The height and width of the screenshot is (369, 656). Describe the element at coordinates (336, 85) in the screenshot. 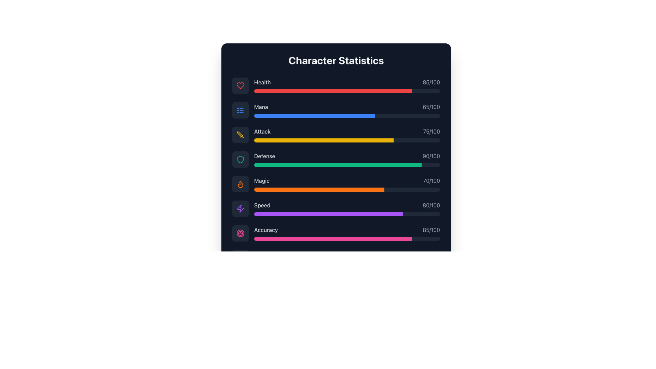

I see `numeric value and label of the Progress bar component indicating the 'Health' metric of the character, located in the first row of the 'Character Statistics' grid` at that location.